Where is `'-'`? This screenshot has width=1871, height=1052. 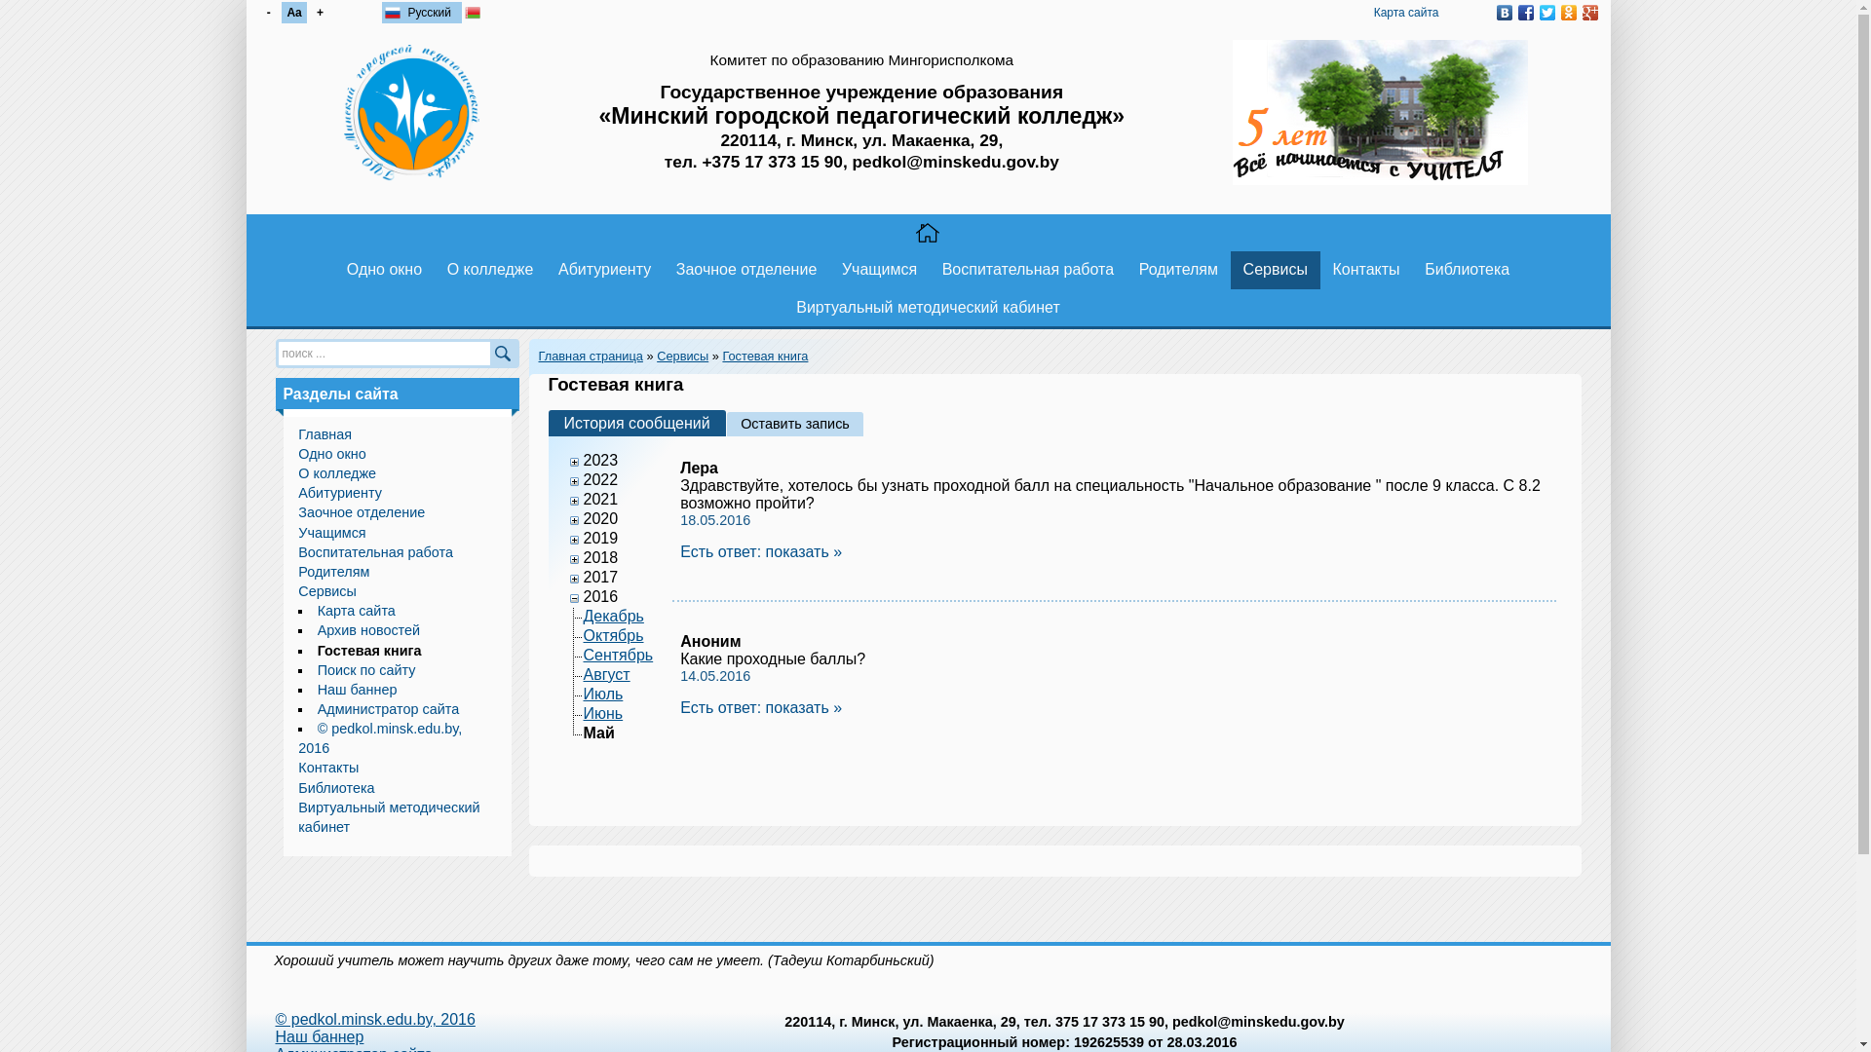
'-' is located at coordinates (254, 12).